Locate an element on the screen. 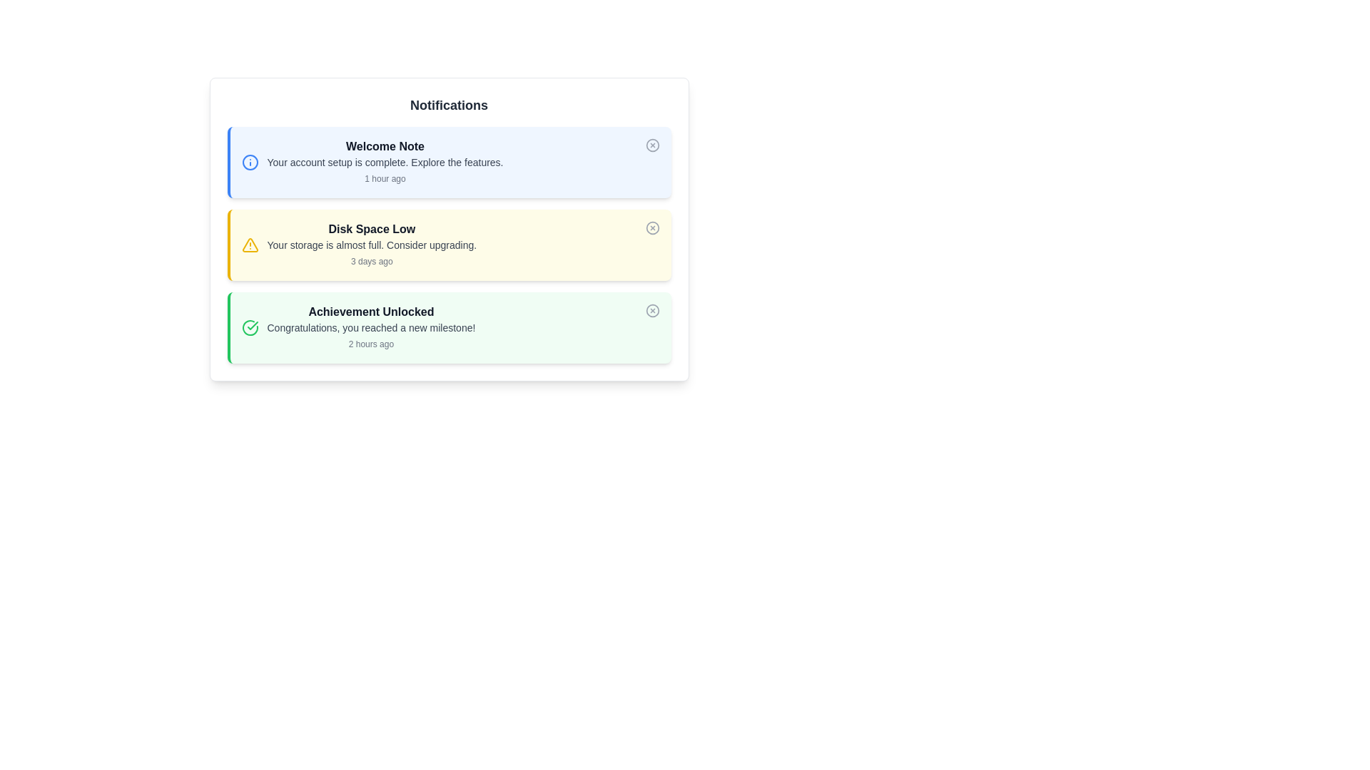 This screenshot has width=1370, height=770. the SVG Circle, which is a ring-like shape centered within the third notification entry on the rightmost side of the interface, adjacent to a green background is located at coordinates (651, 309).